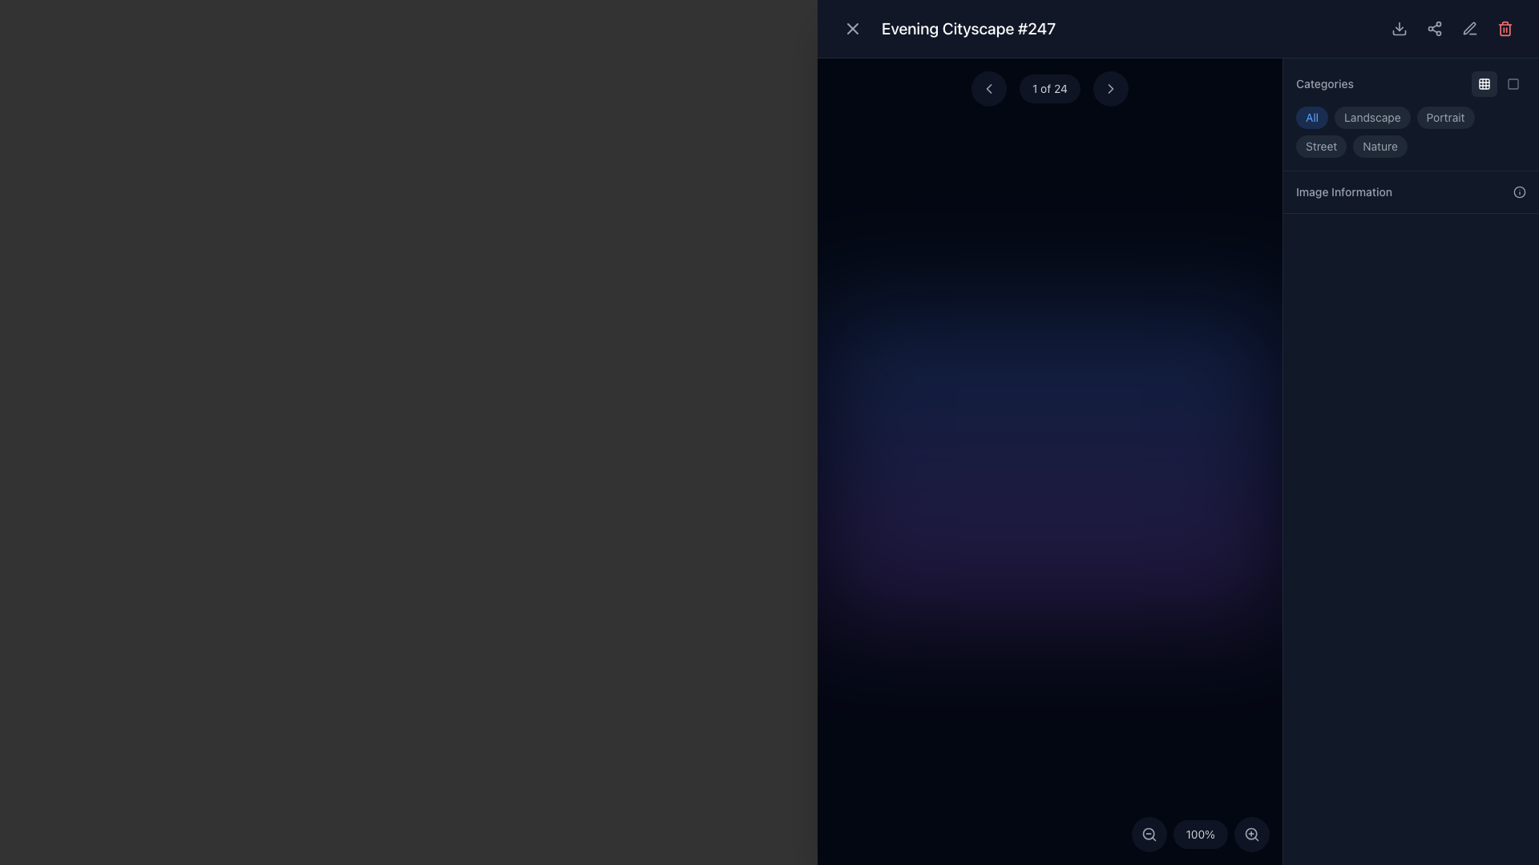 The image size is (1539, 865). Describe the element at coordinates (1519, 191) in the screenshot. I see `the circular outline SVG icon, which has a 10-unit radius and is part of an informational icon within an SVG group` at that location.